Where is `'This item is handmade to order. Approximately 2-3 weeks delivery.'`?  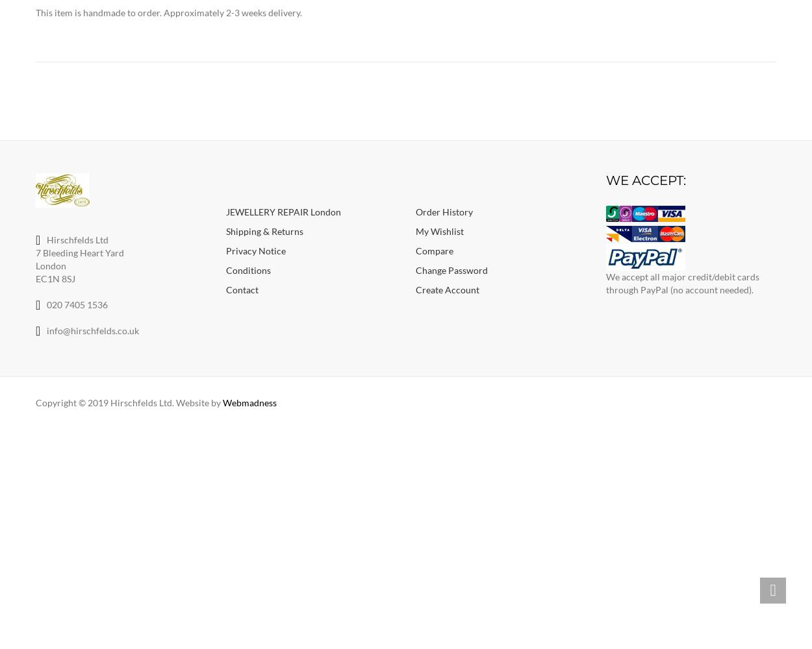 'This item is handmade to order. Approximately 2-3 weeks delivery.' is located at coordinates (169, 12).